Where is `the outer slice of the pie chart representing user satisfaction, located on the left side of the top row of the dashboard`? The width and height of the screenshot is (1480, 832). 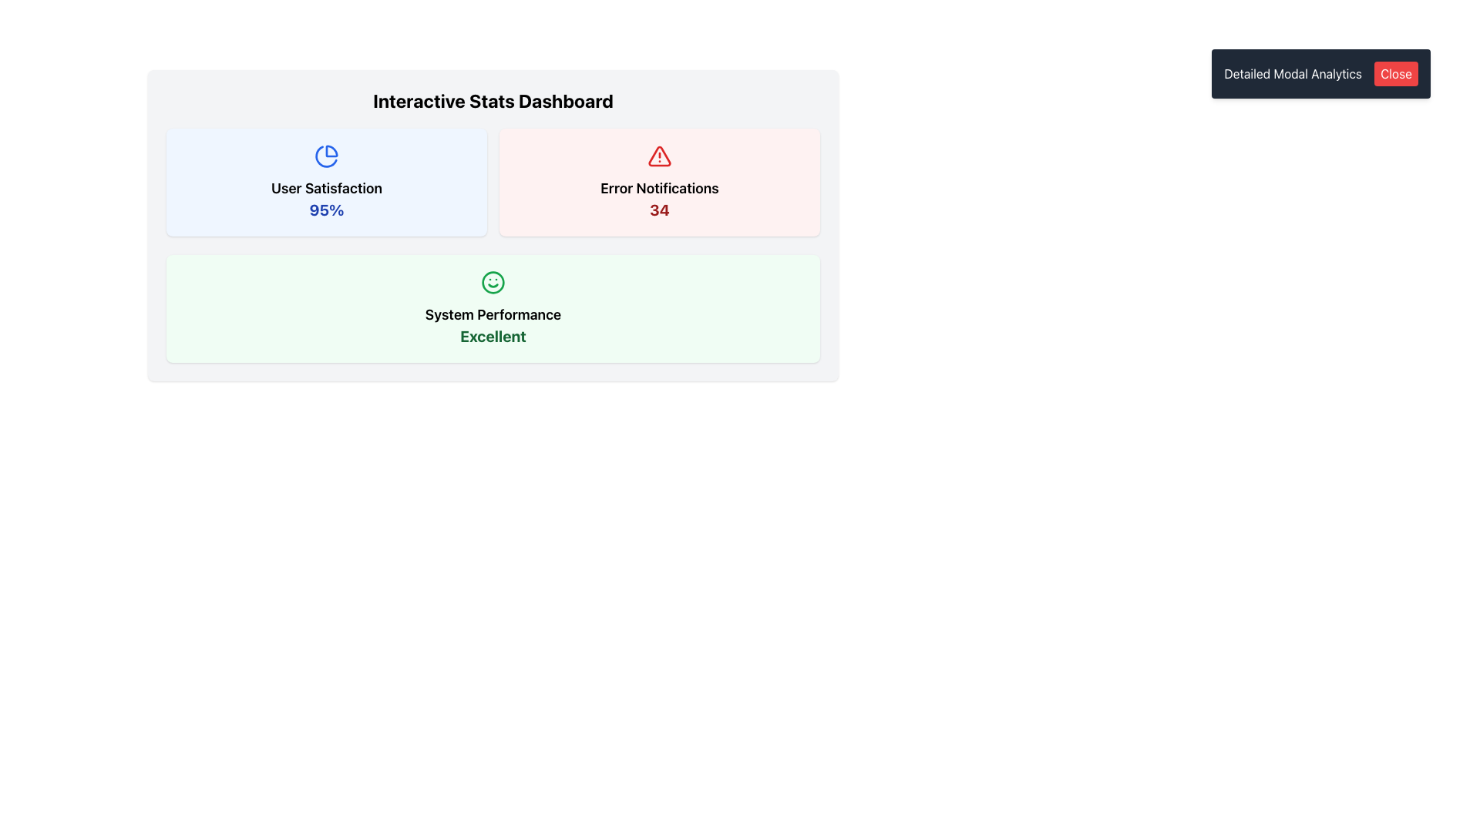
the outer slice of the pie chart representing user satisfaction, located on the left side of the top row of the dashboard is located at coordinates (331, 151).